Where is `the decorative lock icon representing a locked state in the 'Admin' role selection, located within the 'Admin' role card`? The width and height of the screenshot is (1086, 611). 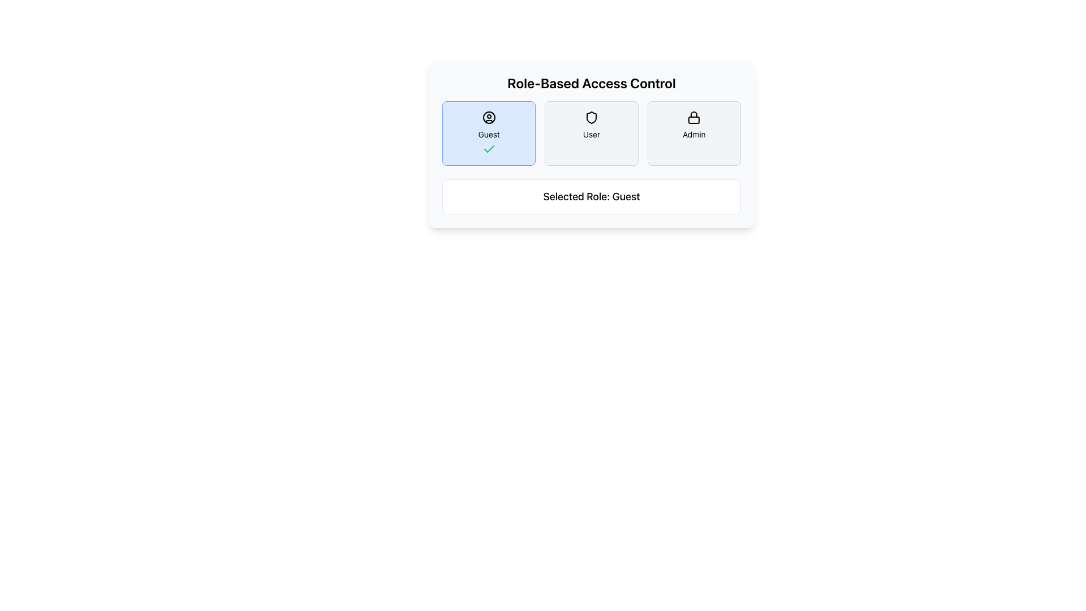
the decorative lock icon representing a locked state in the 'Admin' role selection, located within the 'Admin' role card is located at coordinates (693, 120).